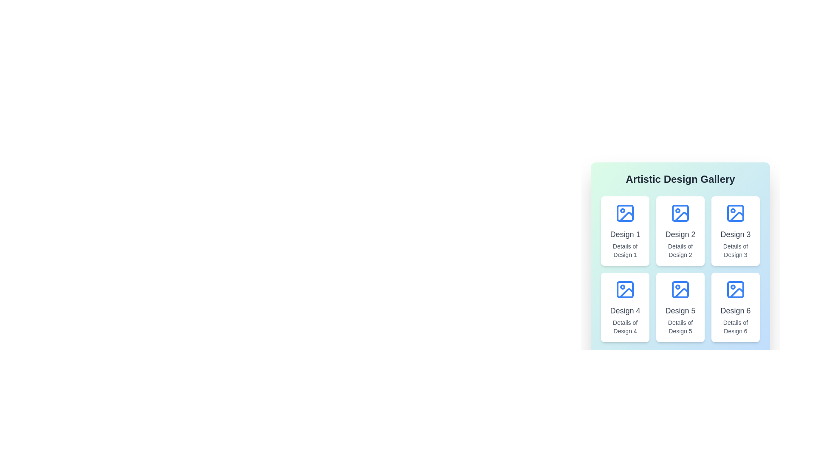 The height and width of the screenshot is (458, 815). What do you see at coordinates (680, 234) in the screenshot?
I see `the Text Label that serves as the title or identifier for its corresponding design entry, located in the first row and middle column of a grid layout` at bounding box center [680, 234].